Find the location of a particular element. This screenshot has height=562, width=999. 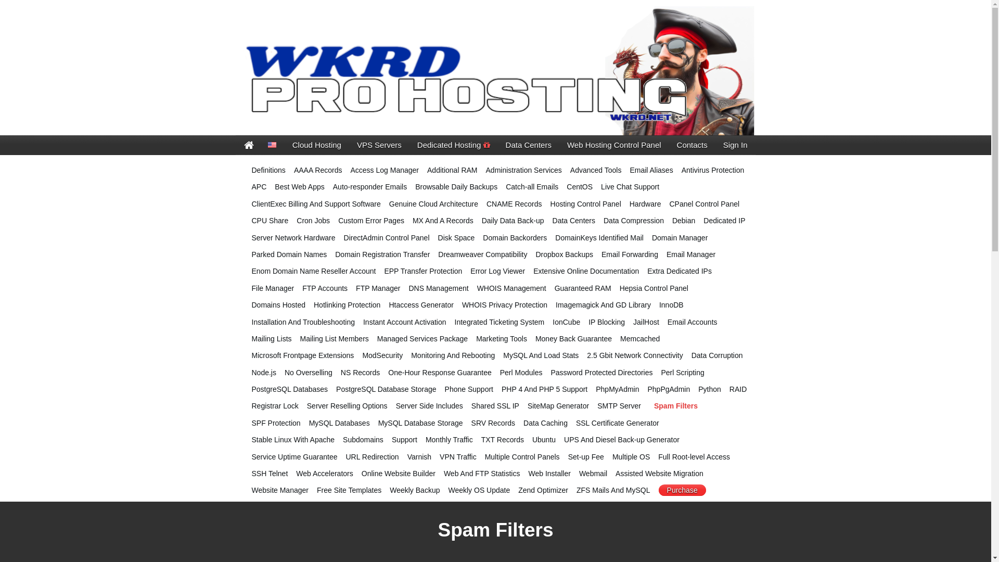

'Sign In' is located at coordinates (735, 145).